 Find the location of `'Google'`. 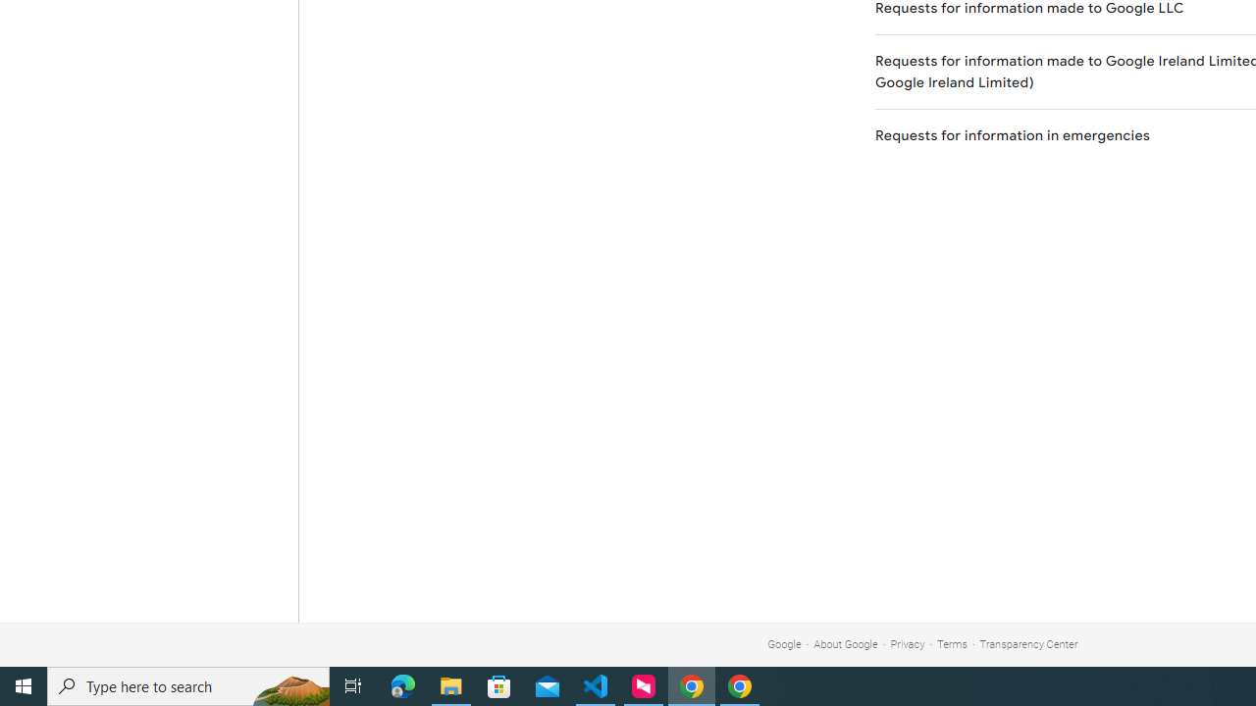

'Google' is located at coordinates (783, 644).